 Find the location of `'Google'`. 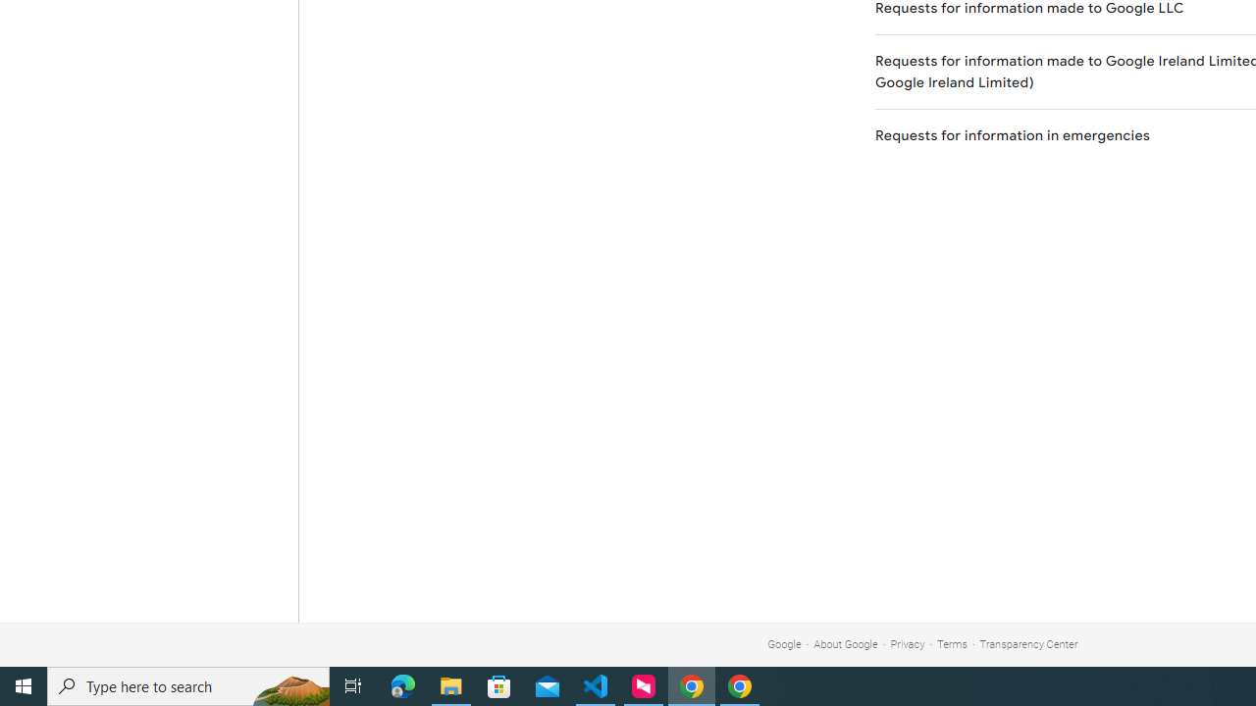

'Google' is located at coordinates (783, 644).